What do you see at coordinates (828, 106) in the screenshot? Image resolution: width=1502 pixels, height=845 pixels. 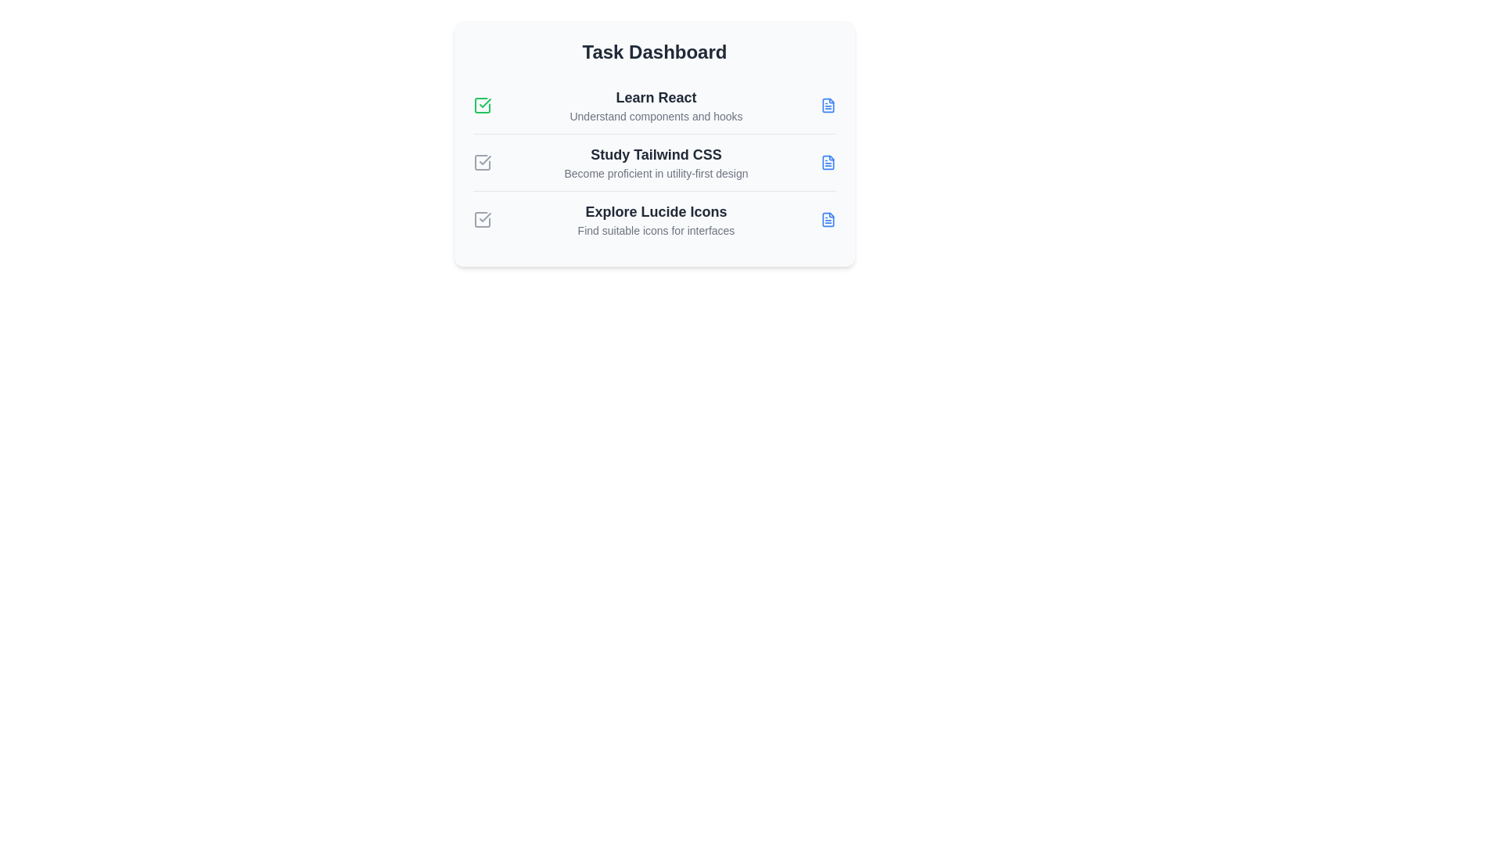 I see `the document icon corresponding to the task 'Learn React'` at bounding box center [828, 106].